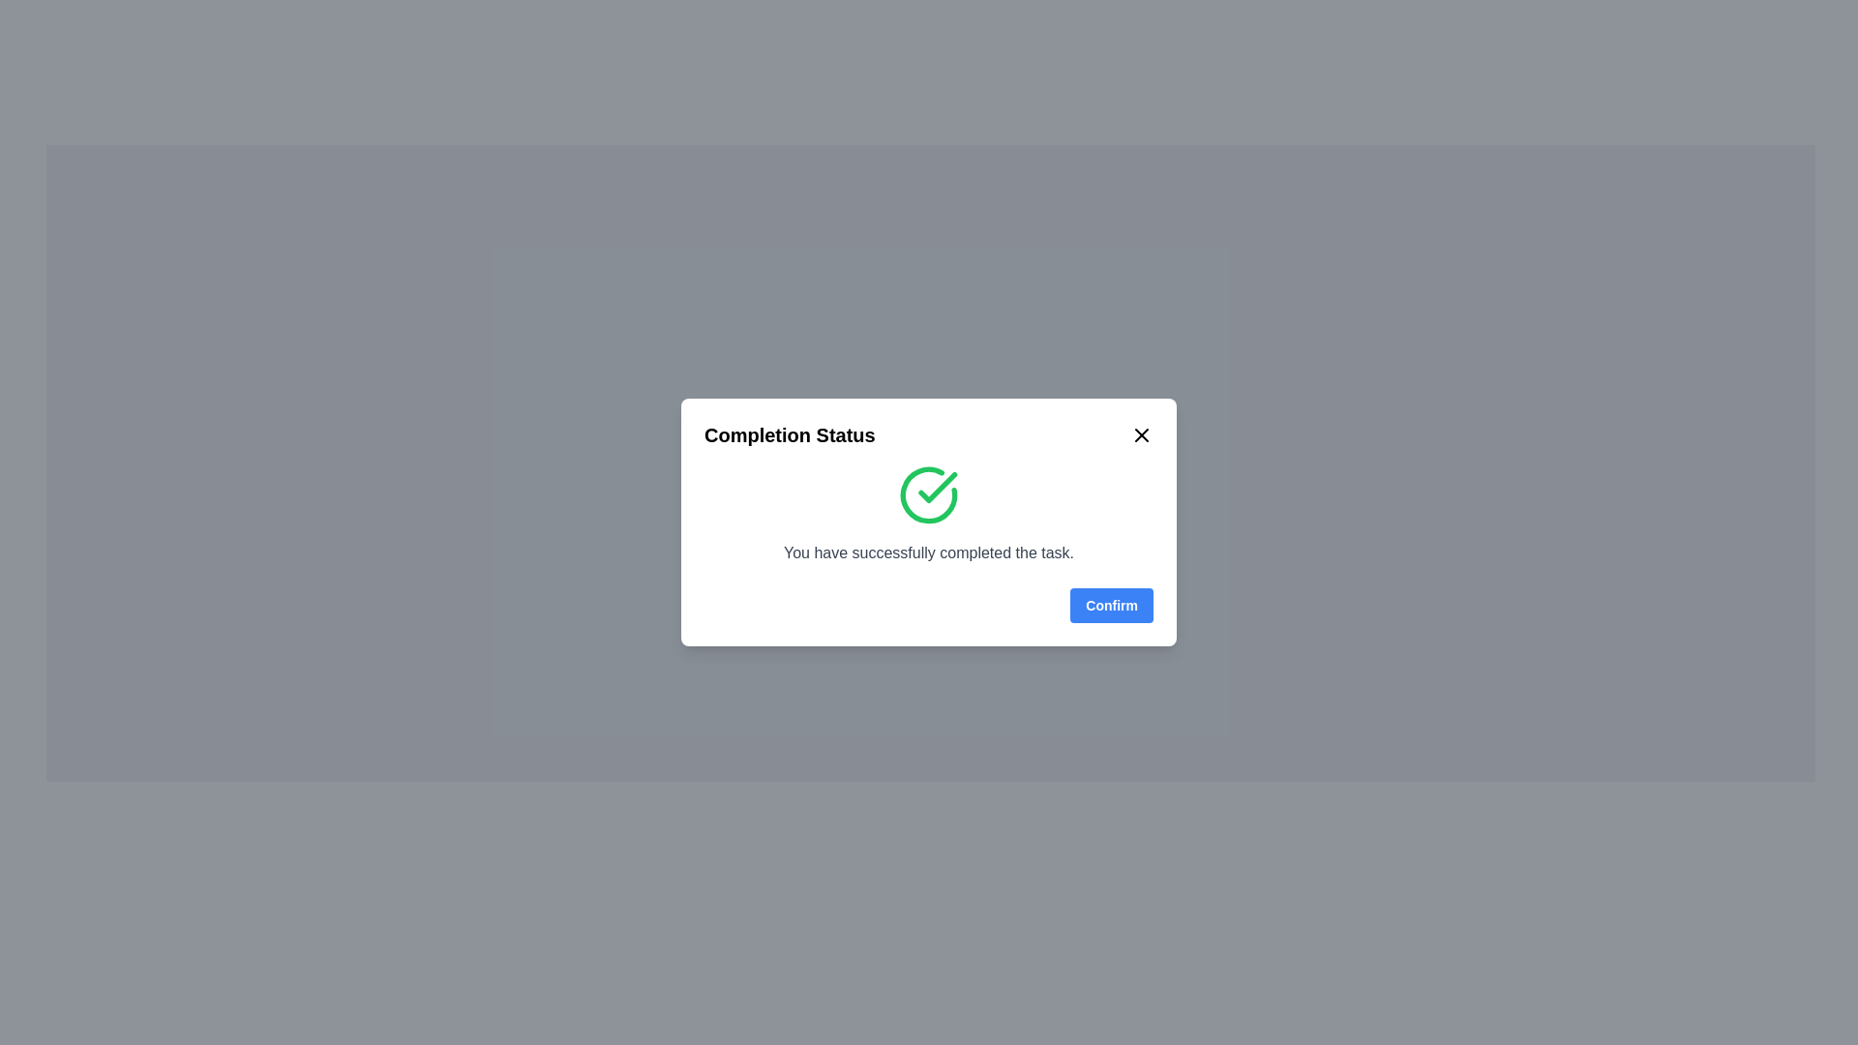  I want to click on the visual status indicator that indicates successful task completion, located below the title 'Completion Status' and above the blue 'Confirm' button, so click(929, 514).